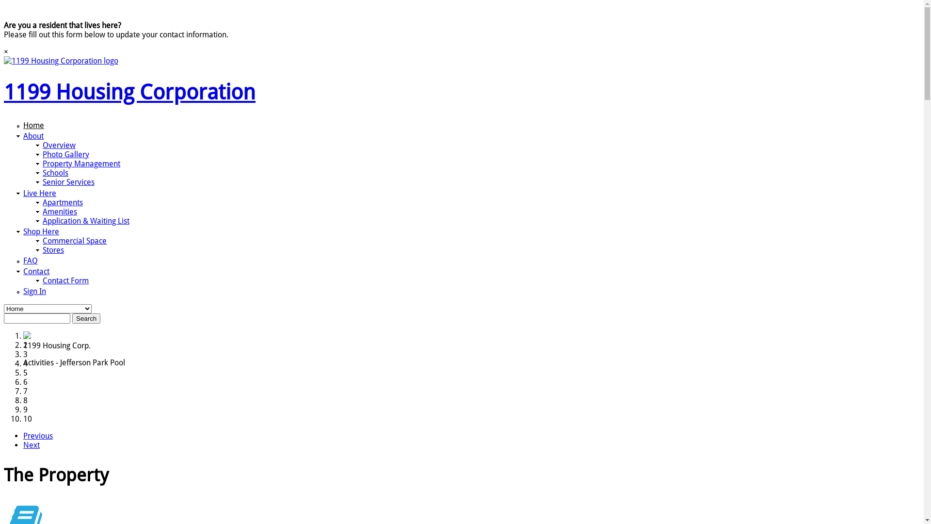 The image size is (931, 524). What do you see at coordinates (36, 271) in the screenshot?
I see `'Contact'` at bounding box center [36, 271].